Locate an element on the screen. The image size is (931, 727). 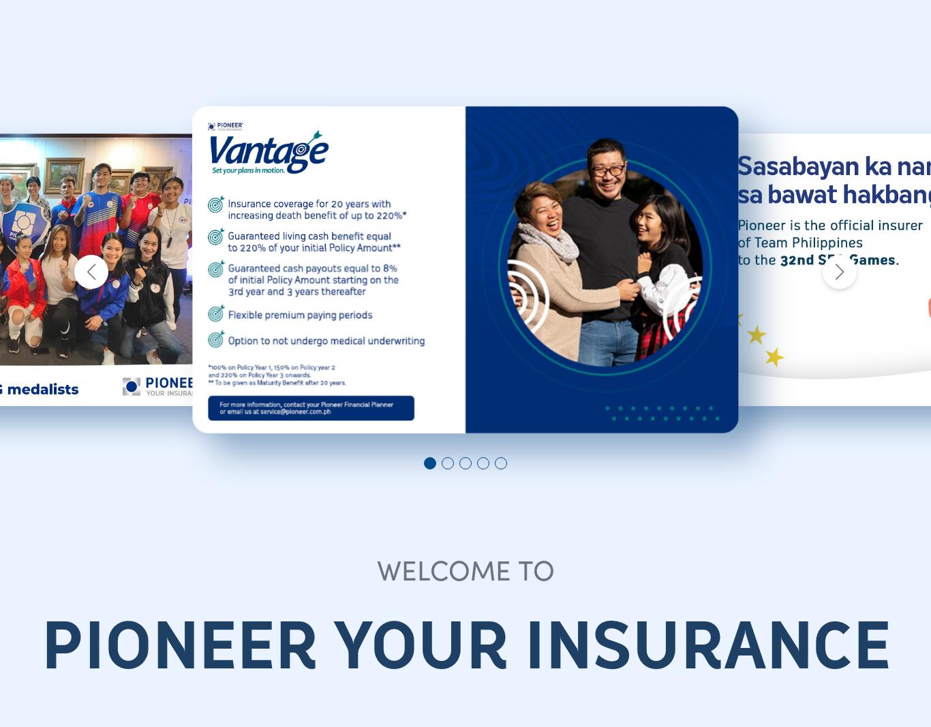
'We’ll be with you as you deal with loss. Let us walk you through the process.' is located at coordinates (564, 174).